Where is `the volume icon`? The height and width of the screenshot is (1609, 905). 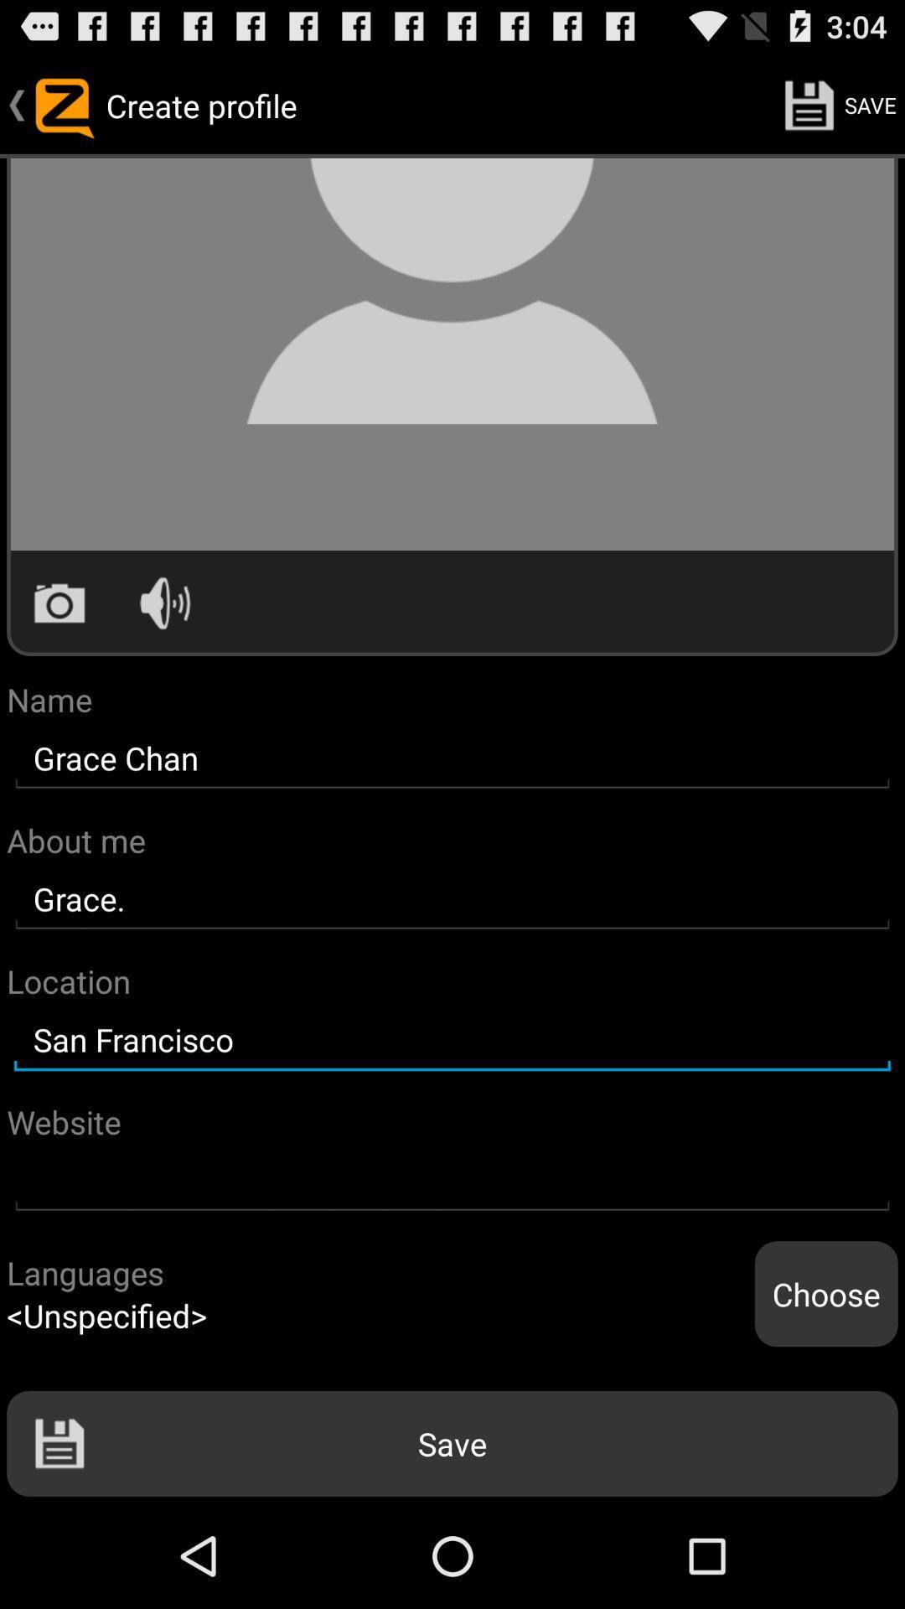
the volume icon is located at coordinates (165, 644).